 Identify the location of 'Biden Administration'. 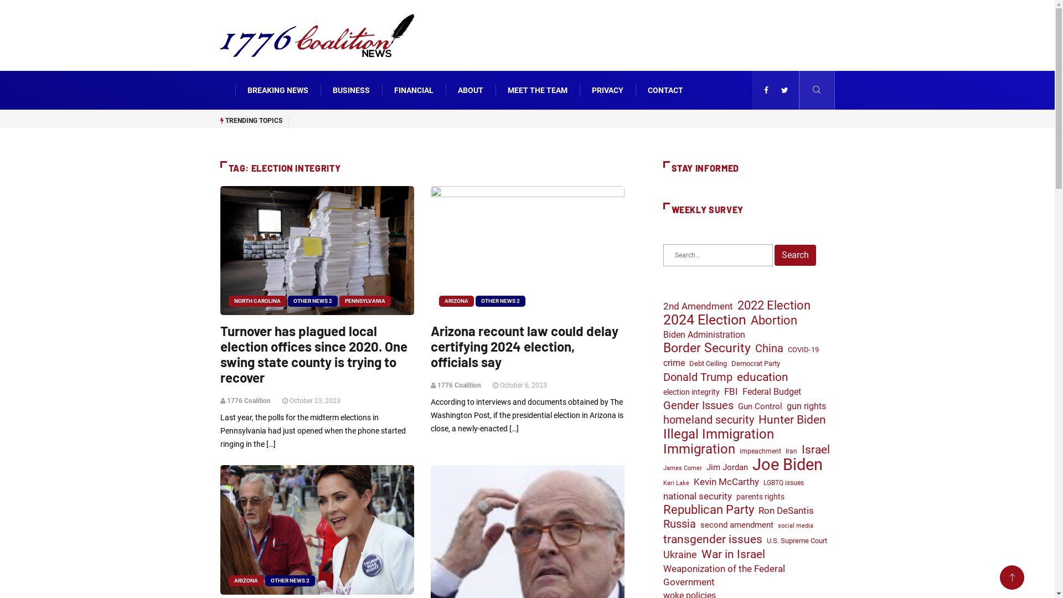
(704, 334).